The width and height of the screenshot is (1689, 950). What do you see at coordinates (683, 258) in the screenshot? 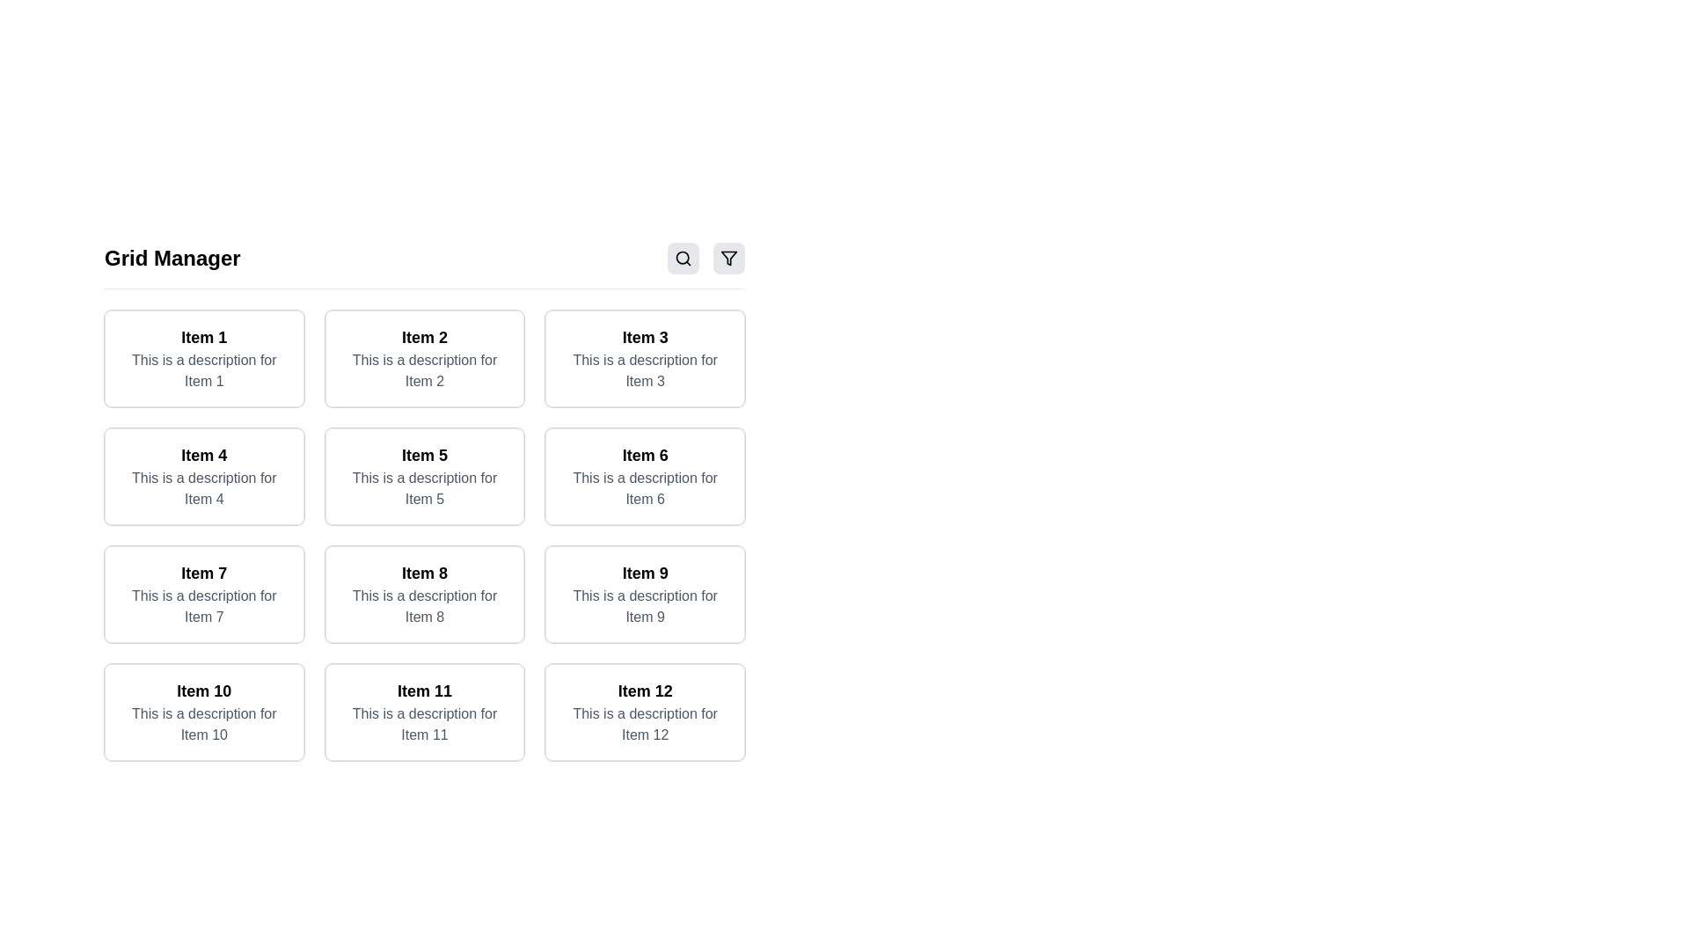
I see `the leftmost search icon in the top-right corner of the interface` at bounding box center [683, 258].